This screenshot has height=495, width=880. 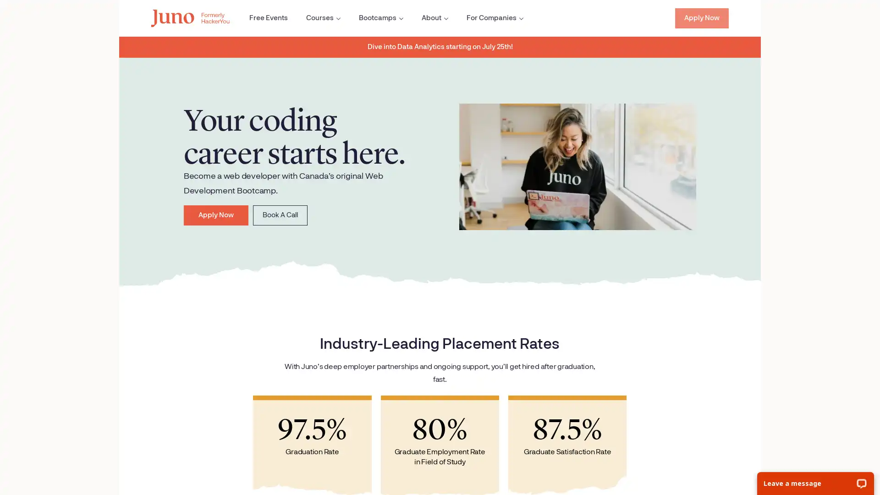 What do you see at coordinates (426, 18) in the screenshot?
I see `Open the About sub menu.` at bounding box center [426, 18].